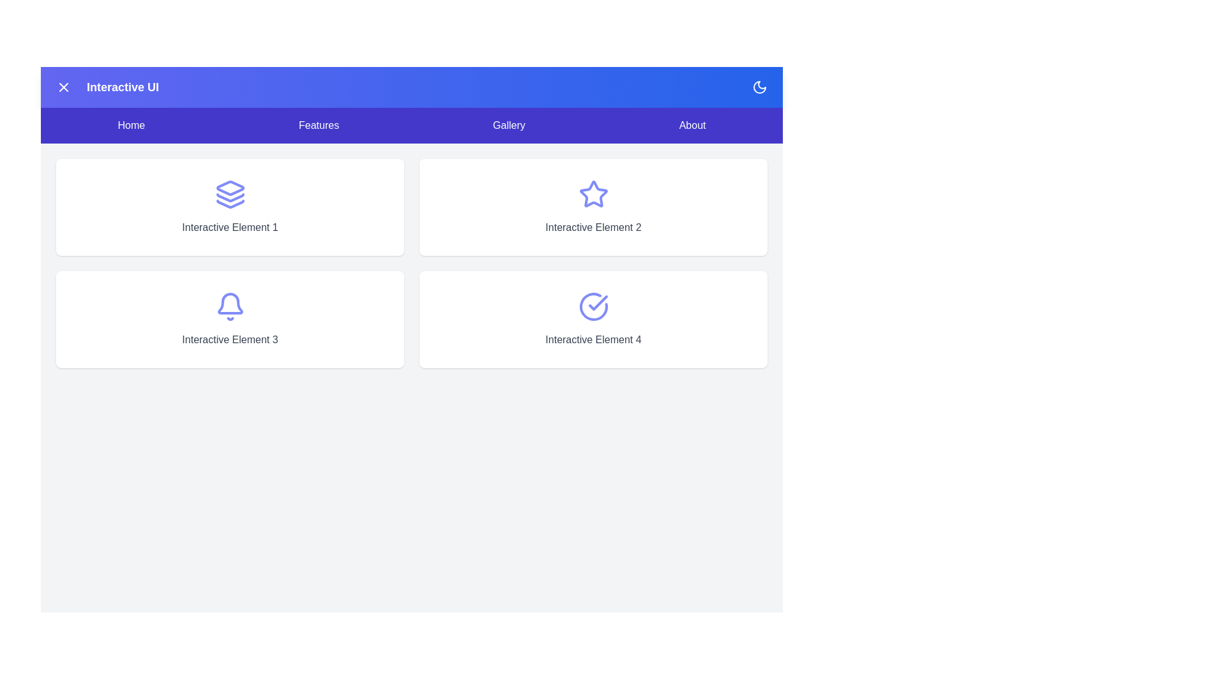  What do you see at coordinates (131, 125) in the screenshot?
I see `the Home navigation menu item` at bounding box center [131, 125].